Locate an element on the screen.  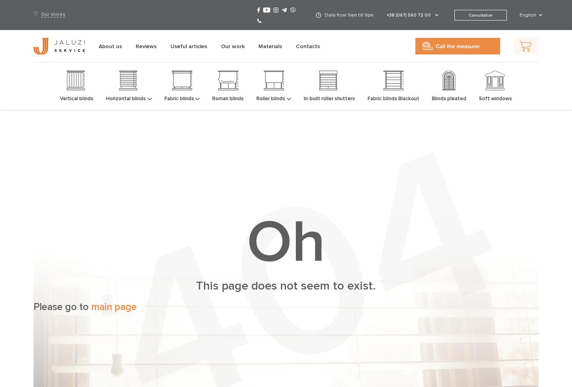
'Our stores' is located at coordinates (52, 13).